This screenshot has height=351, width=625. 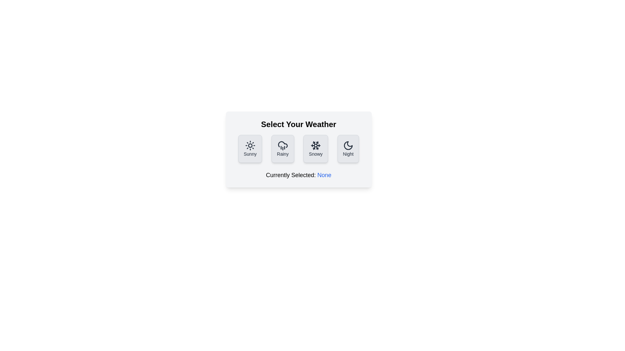 I want to click on the blue text label reading 'None' within the sentence 'Currently Selected: None' located at the bottom of the weather selection panel, so click(x=324, y=175).